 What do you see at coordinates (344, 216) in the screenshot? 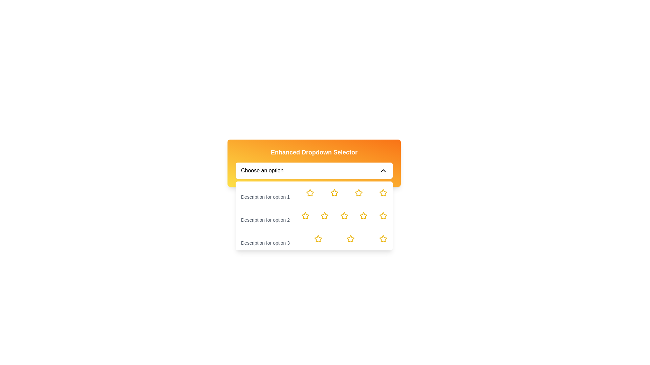
I see `the interactive graphical icon (star) in the third column of the second row to rate it` at bounding box center [344, 216].